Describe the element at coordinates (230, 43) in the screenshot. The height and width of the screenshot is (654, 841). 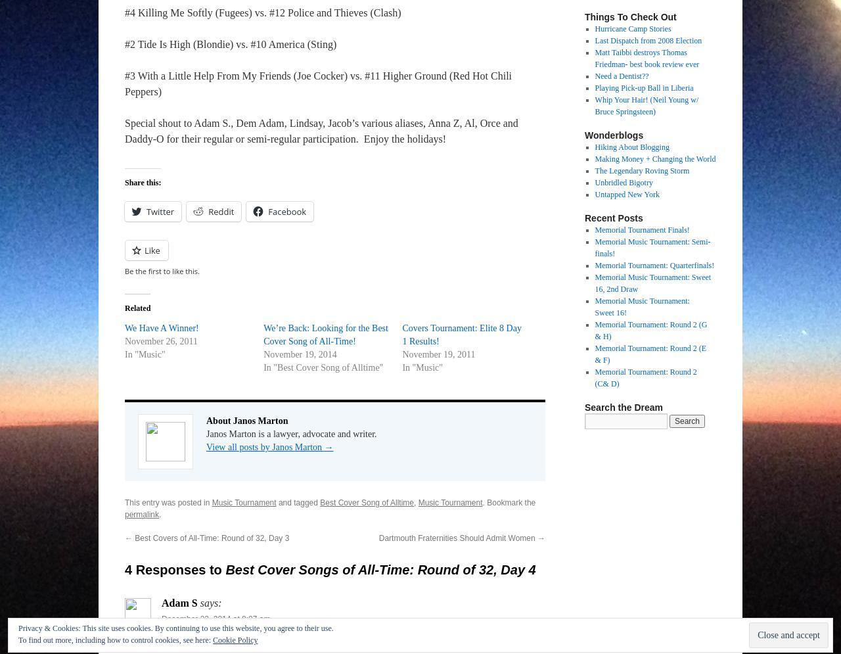
I see `'#2 Tide Is High (Blondie) vs. #10 America (Sting)'` at that location.